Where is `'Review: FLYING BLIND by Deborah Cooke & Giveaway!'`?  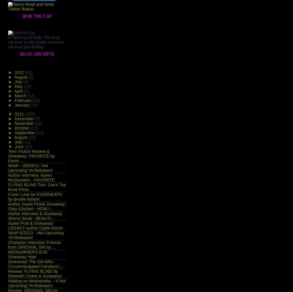 'Review: FLYING BLIND by Deborah Cooke & Giveaway!' is located at coordinates (35, 273).